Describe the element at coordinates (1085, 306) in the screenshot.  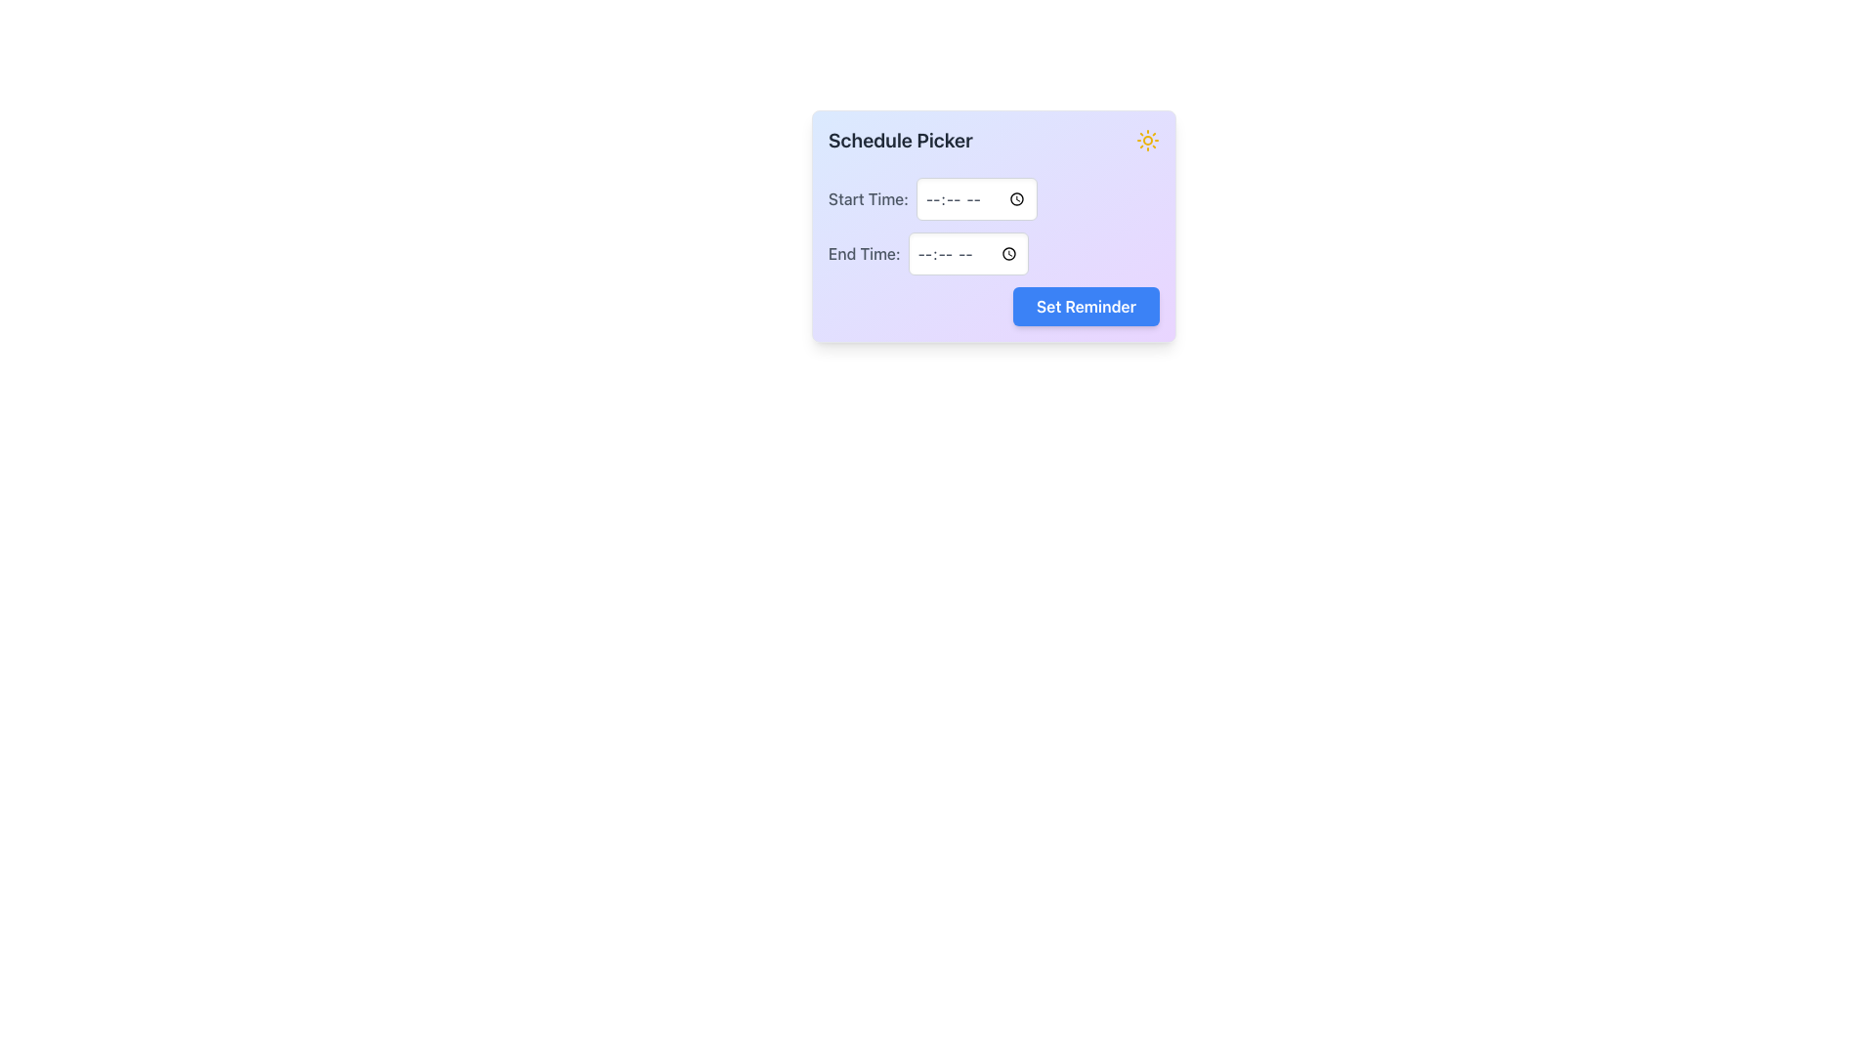
I see `the 'Set Reminder' button located in the bottom-right corner of the 'Schedule Picker' interface` at that location.